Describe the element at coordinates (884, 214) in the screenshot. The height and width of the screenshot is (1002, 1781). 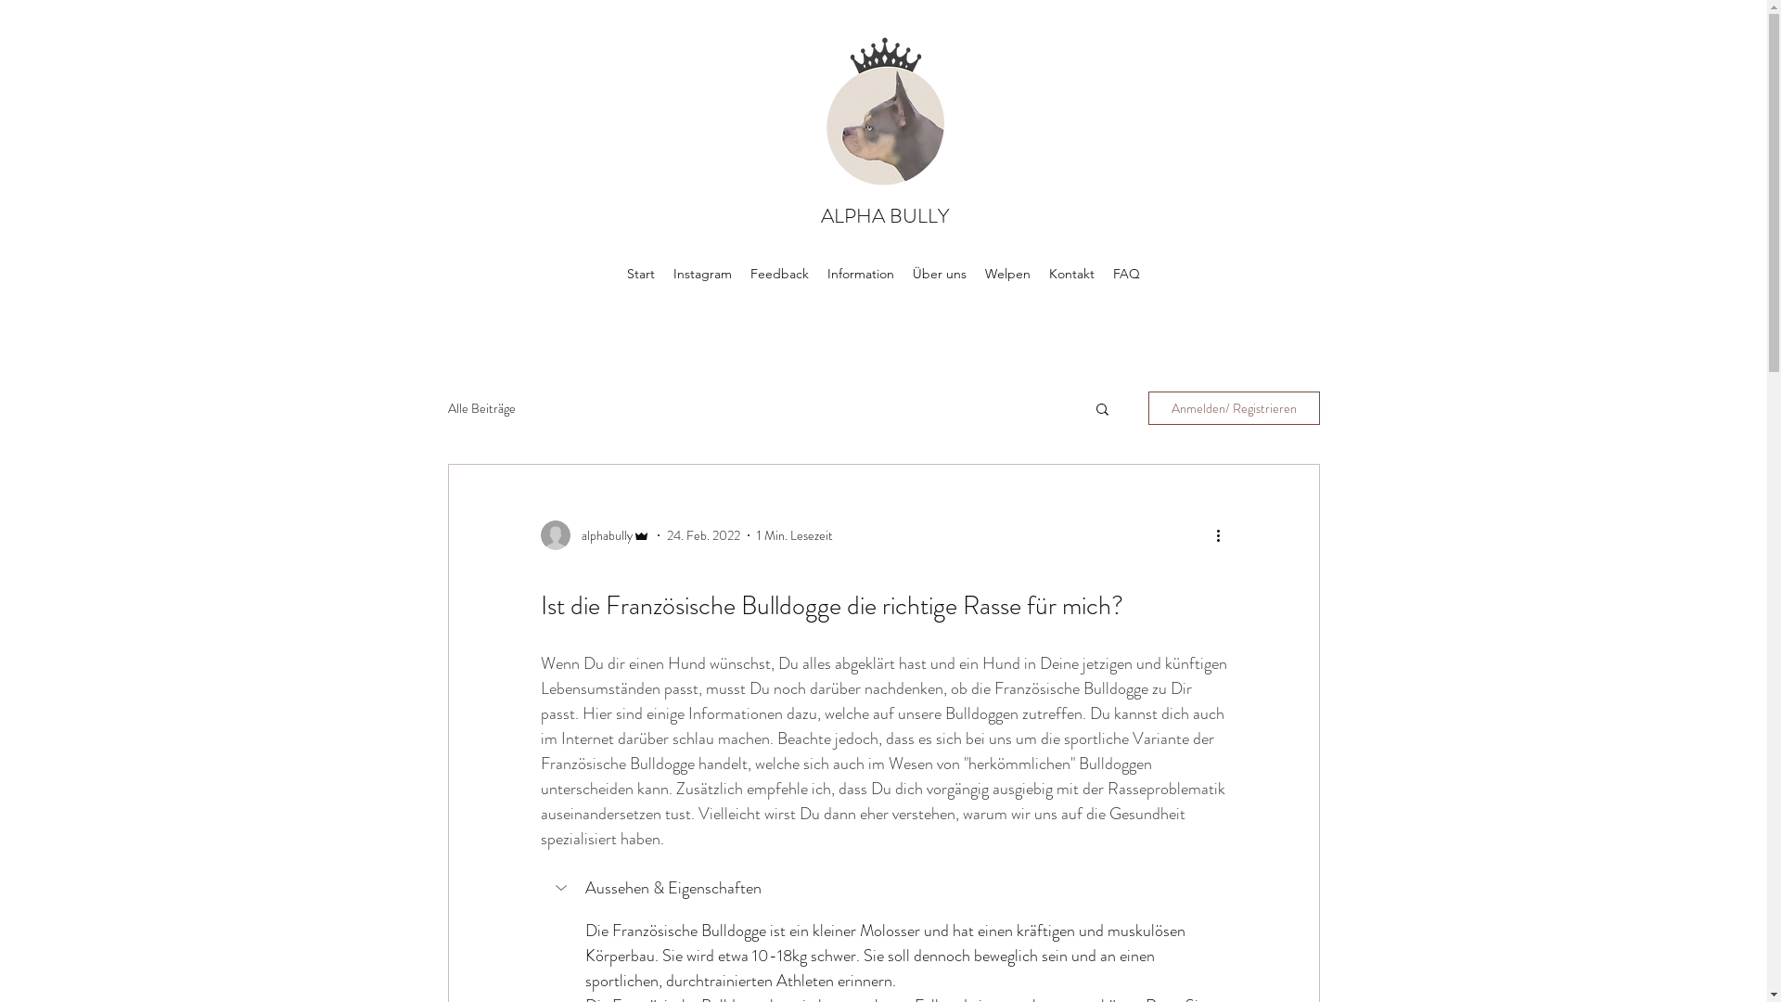
I see `'ALPHA BULLY'` at that location.